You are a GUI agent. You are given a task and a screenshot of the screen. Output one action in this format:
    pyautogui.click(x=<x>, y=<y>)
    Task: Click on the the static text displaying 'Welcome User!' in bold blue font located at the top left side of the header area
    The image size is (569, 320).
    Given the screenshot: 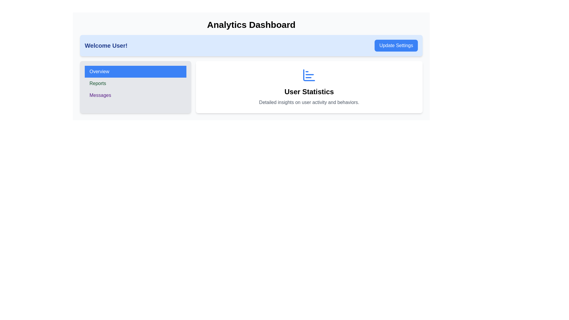 What is the action you would take?
    pyautogui.click(x=106, y=45)
    